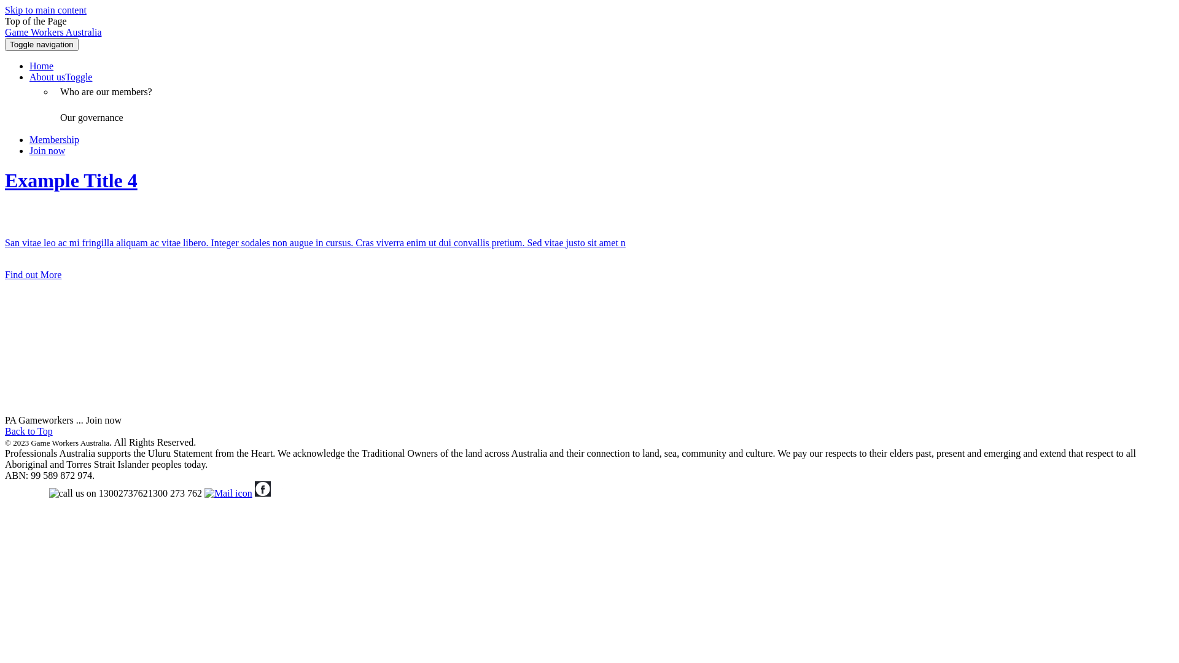  What do you see at coordinates (254, 492) in the screenshot?
I see `'Visit our Facebook page'` at bounding box center [254, 492].